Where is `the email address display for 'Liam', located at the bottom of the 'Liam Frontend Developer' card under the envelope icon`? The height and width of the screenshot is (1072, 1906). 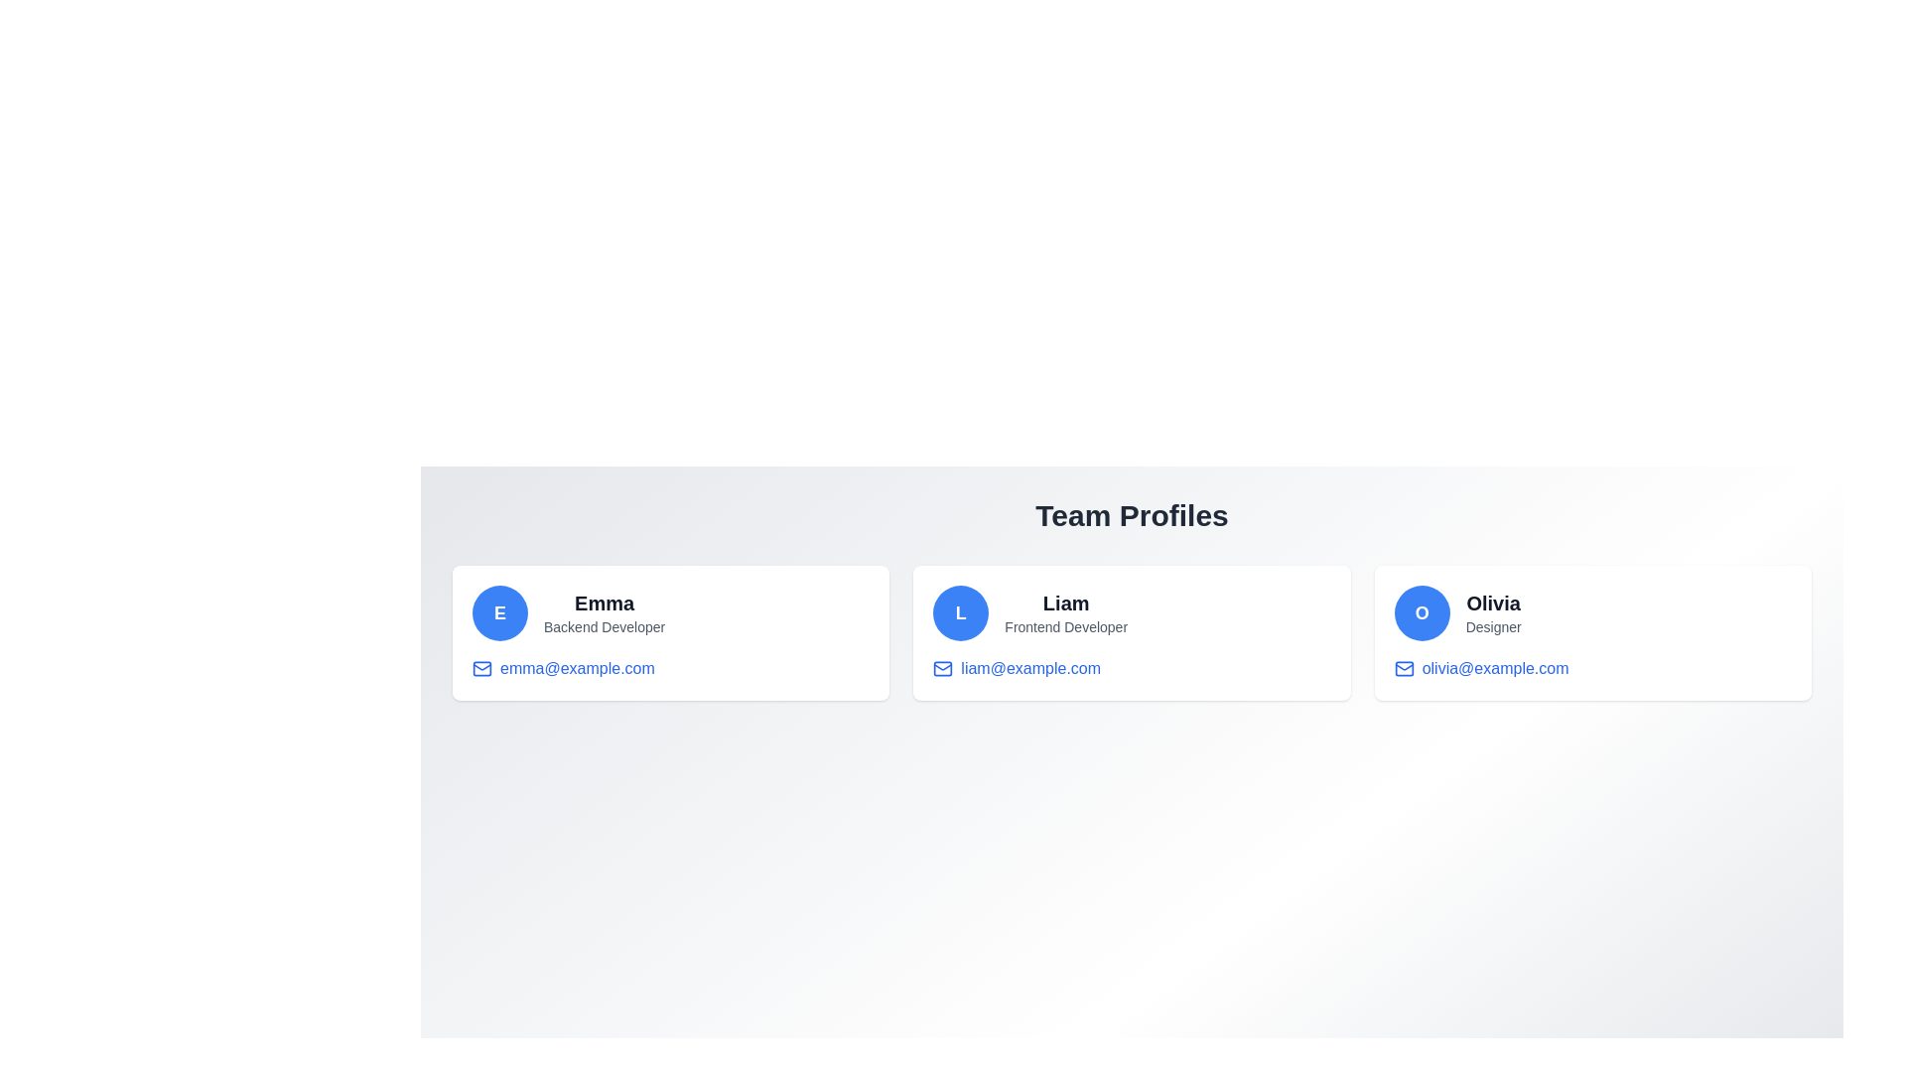 the email address display for 'Liam', located at the bottom of the 'Liam Frontend Developer' card under the envelope icon is located at coordinates (1030, 669).